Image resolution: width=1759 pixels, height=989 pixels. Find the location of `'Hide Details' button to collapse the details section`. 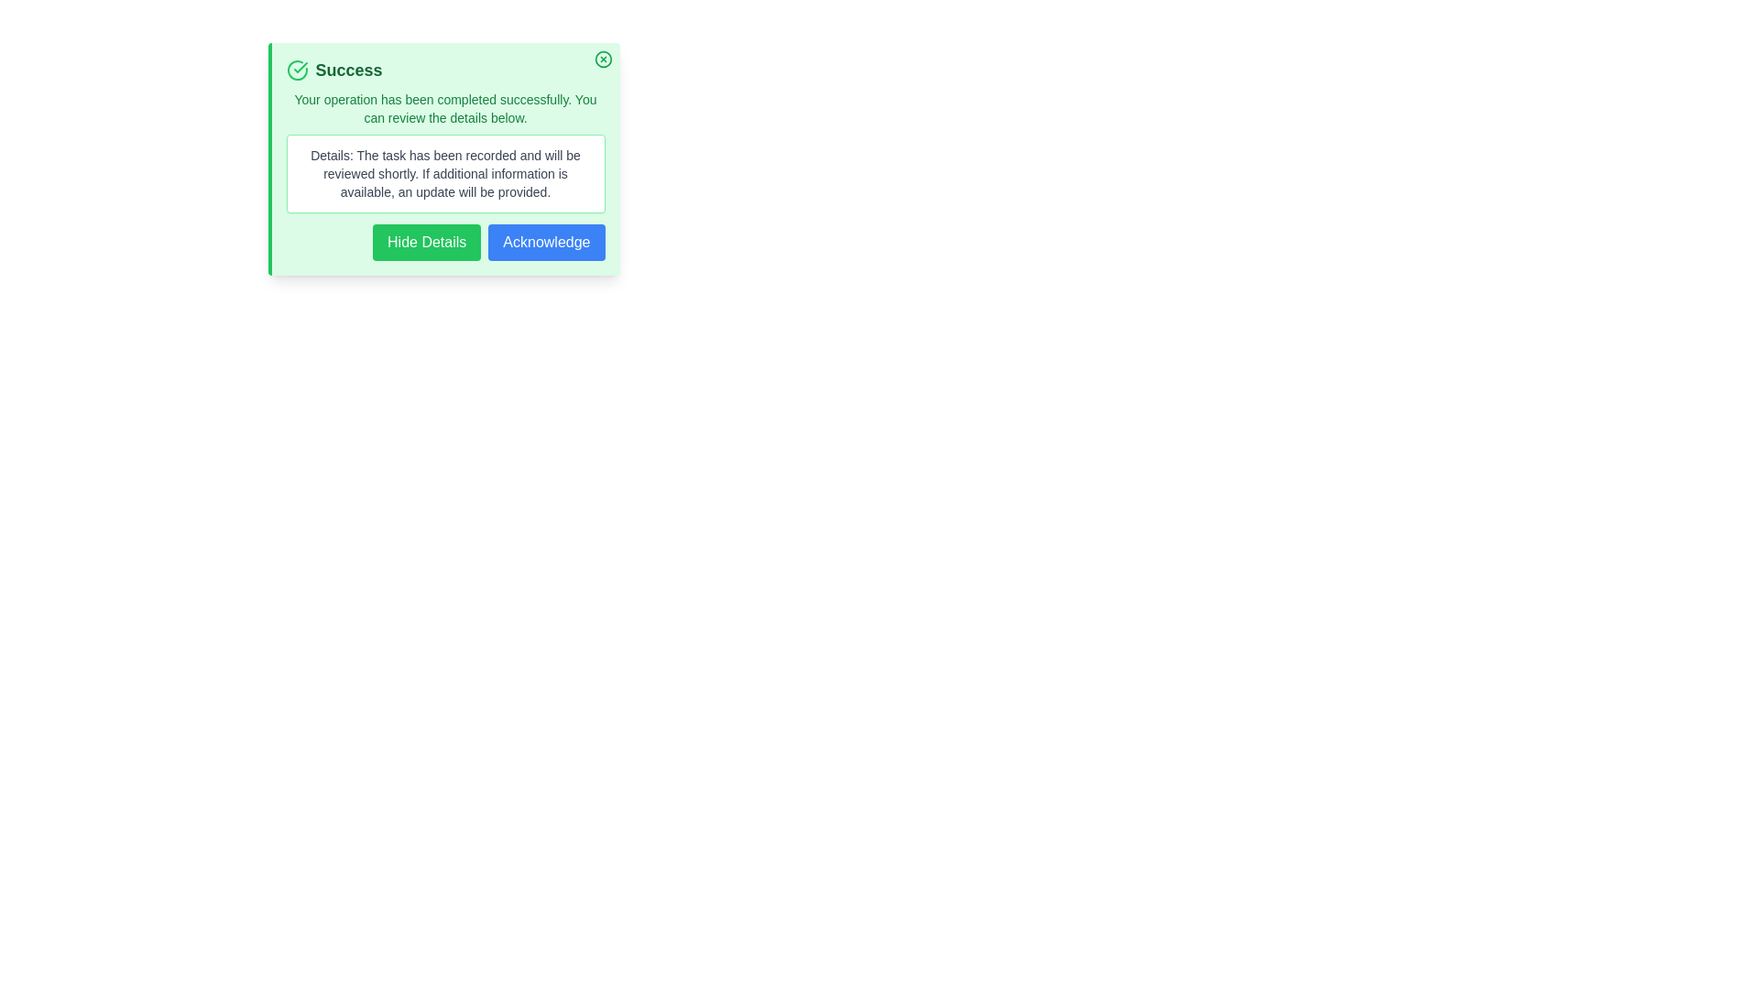

'Hide Details' button to collapse the details section is located at coordinates (425, 242).